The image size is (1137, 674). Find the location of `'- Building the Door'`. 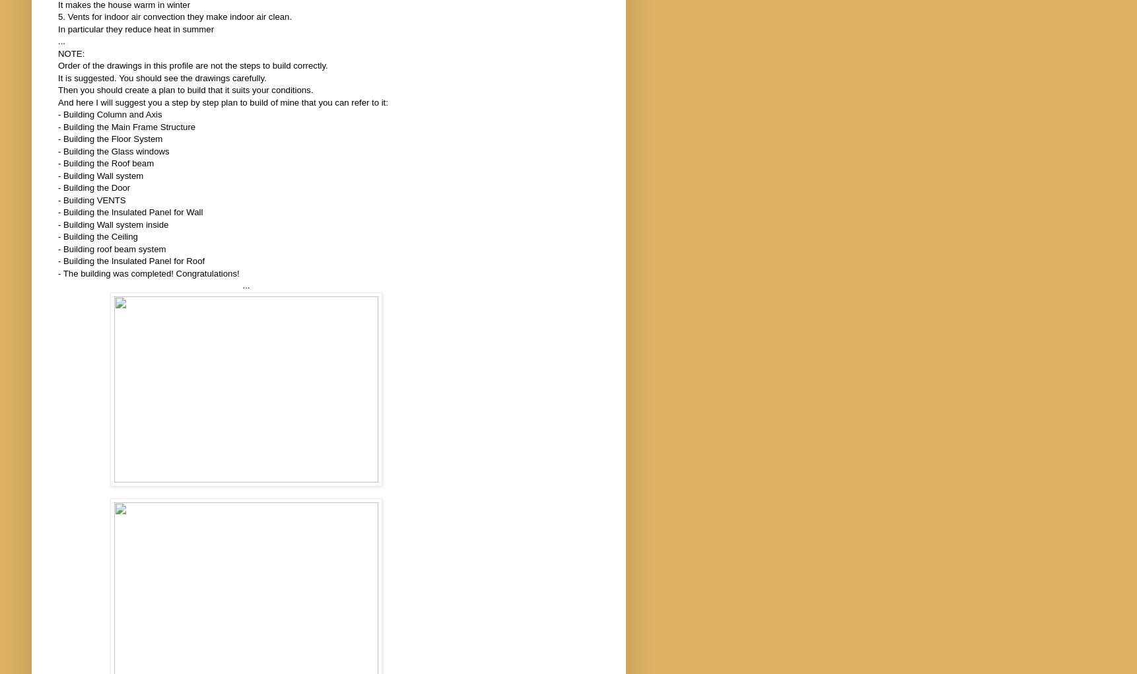

'- Building the Door' is located at coordinates (57, 187).